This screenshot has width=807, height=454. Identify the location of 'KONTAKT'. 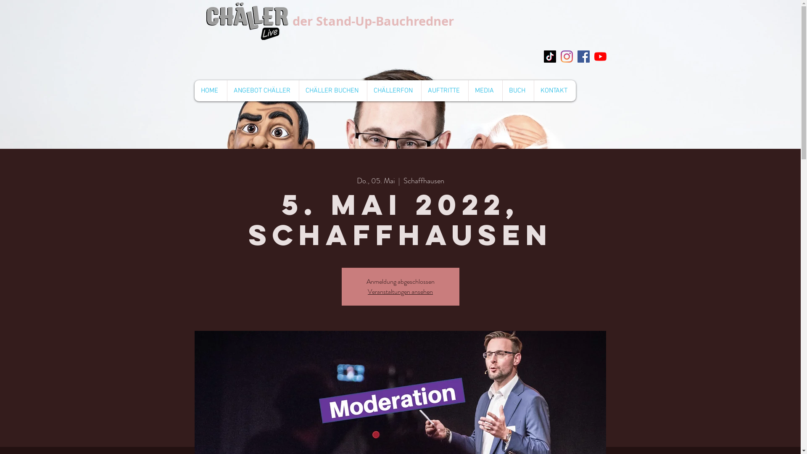
(555, 91).